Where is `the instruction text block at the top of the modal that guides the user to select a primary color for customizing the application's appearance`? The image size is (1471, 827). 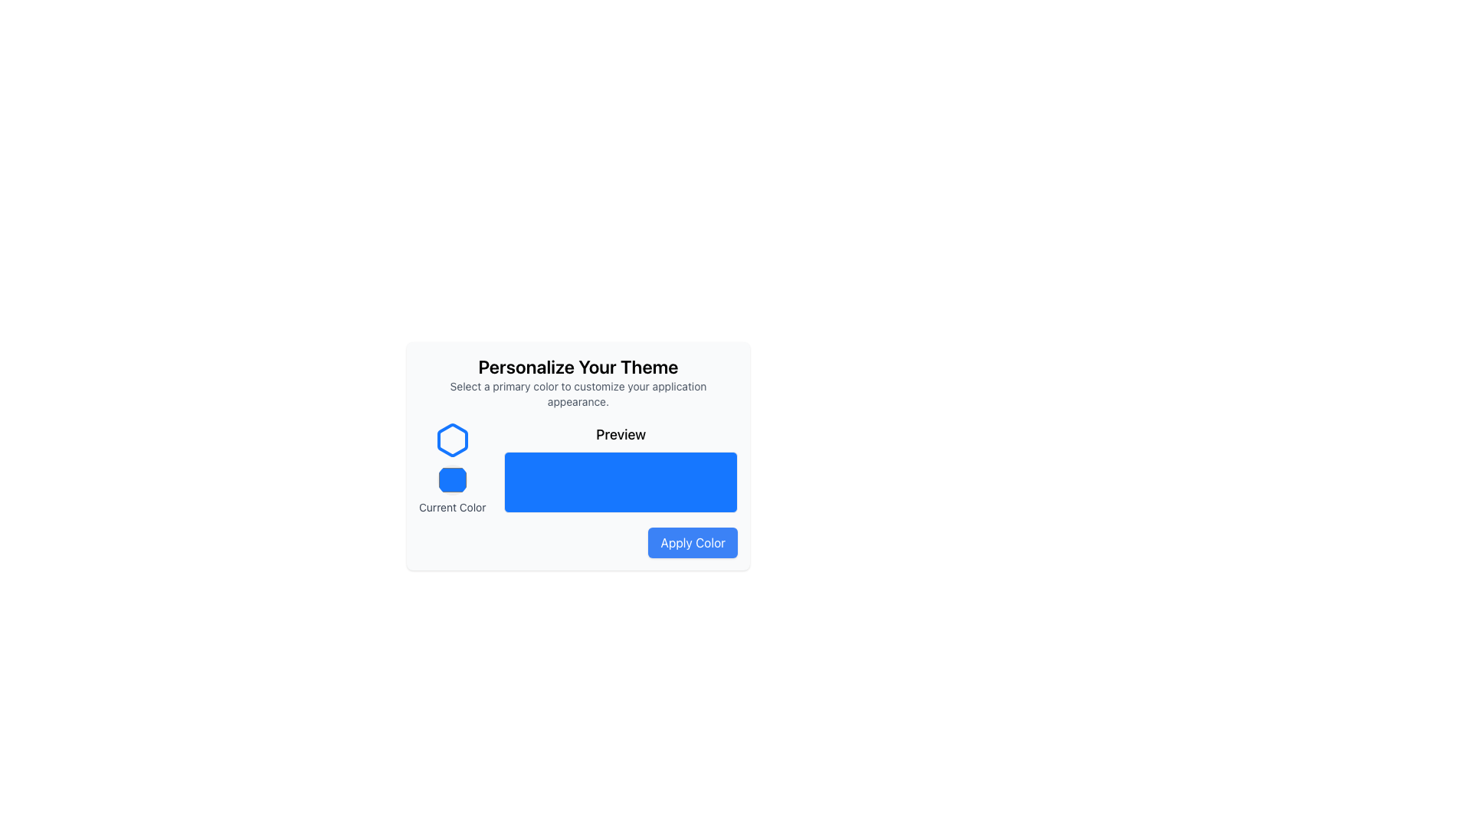
the instruction text block at the top of the modal that guides the user to select a primary color for customizing the application's appearance is located at coordinates (577, 381).